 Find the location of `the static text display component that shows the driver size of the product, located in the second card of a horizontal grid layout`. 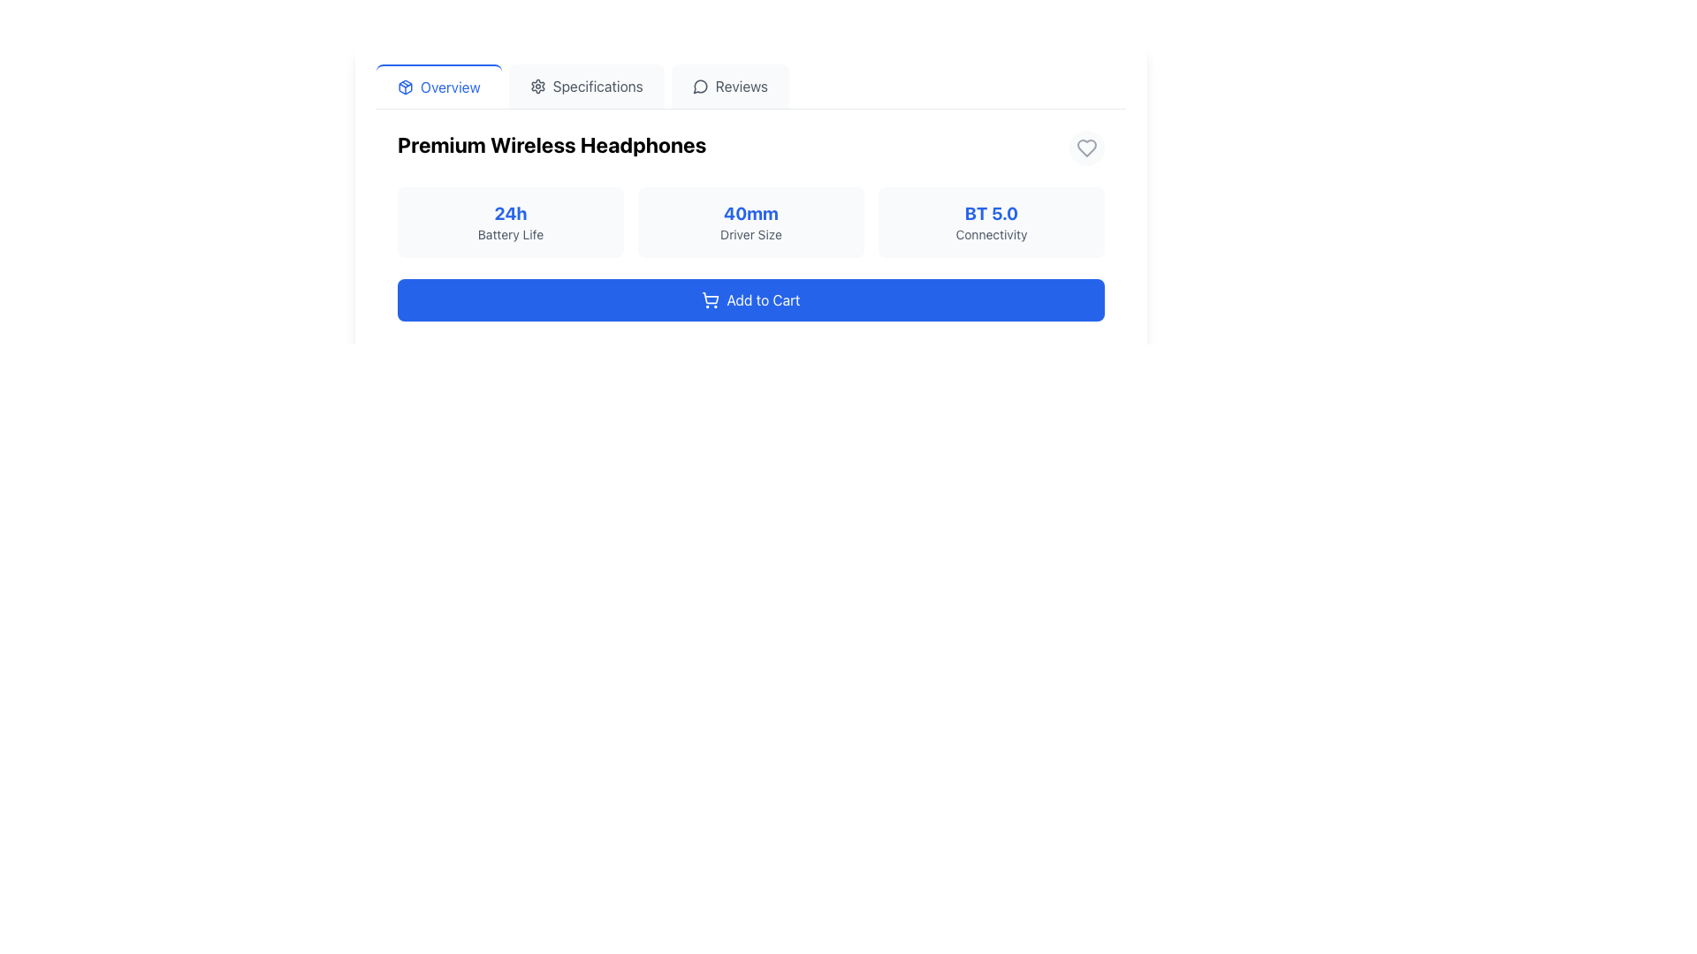

the static text display component that shows the driver size of the product, located in the second card of a horizontal grid layout is located at coordinates (750, 221).